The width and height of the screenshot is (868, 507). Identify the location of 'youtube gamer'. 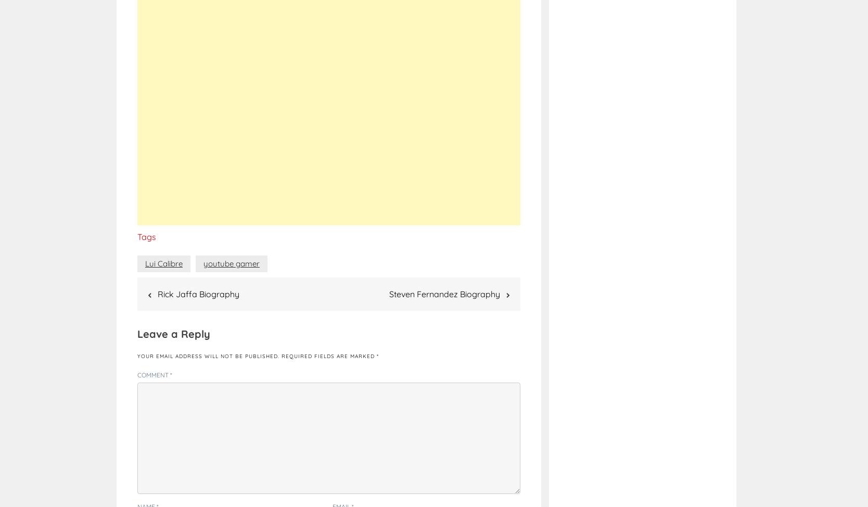
(232, 263).